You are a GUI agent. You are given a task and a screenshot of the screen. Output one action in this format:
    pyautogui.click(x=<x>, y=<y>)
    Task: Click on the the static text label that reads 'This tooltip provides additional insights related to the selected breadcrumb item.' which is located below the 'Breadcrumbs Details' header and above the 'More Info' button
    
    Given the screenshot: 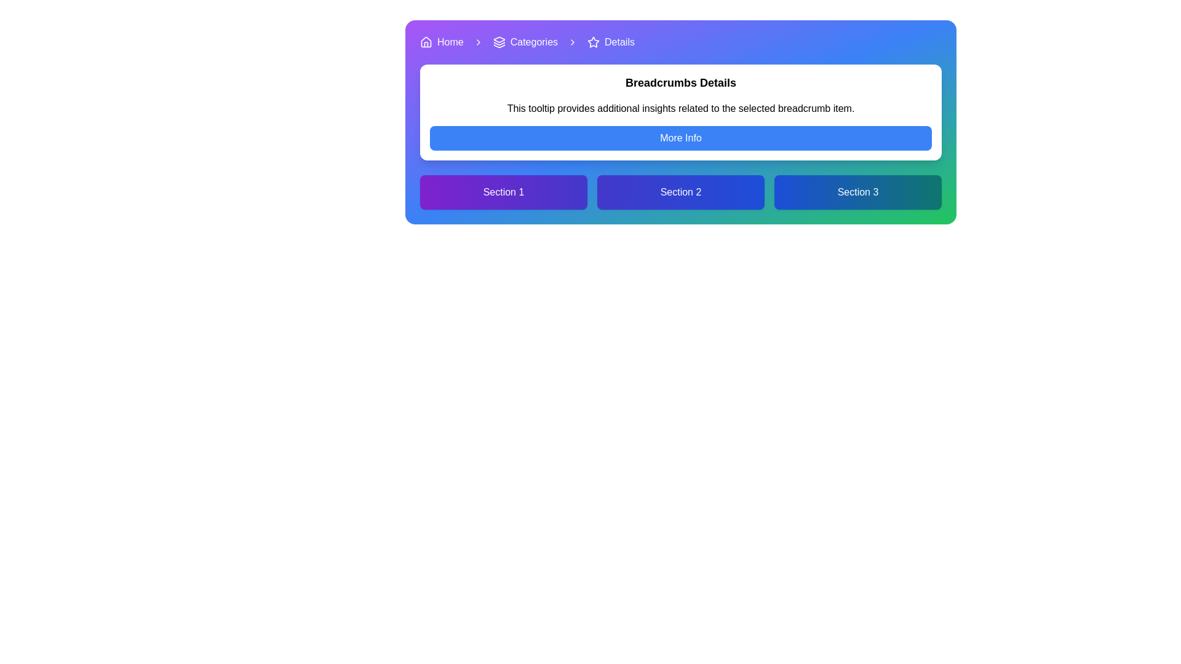 What is the action you would take?
    pyautogui.click(x=680, y=108)
    